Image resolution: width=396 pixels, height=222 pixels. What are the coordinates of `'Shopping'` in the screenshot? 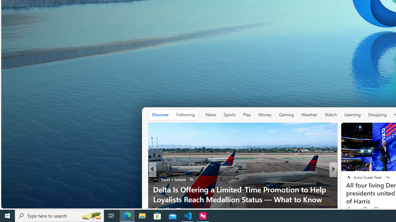 It's located at (377, 115).